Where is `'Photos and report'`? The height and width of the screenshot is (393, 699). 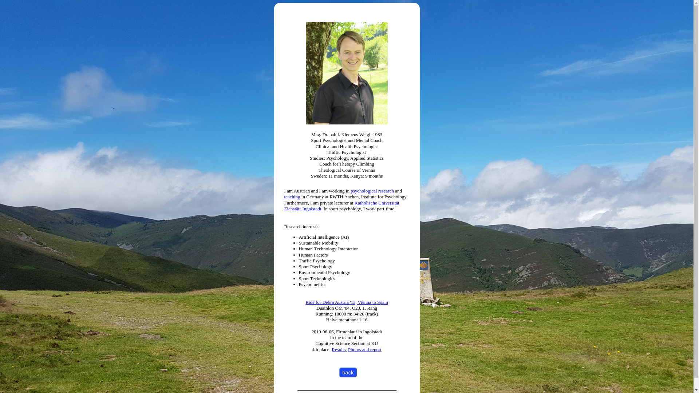 'Photos and report' is located at coordinates (365, 349).